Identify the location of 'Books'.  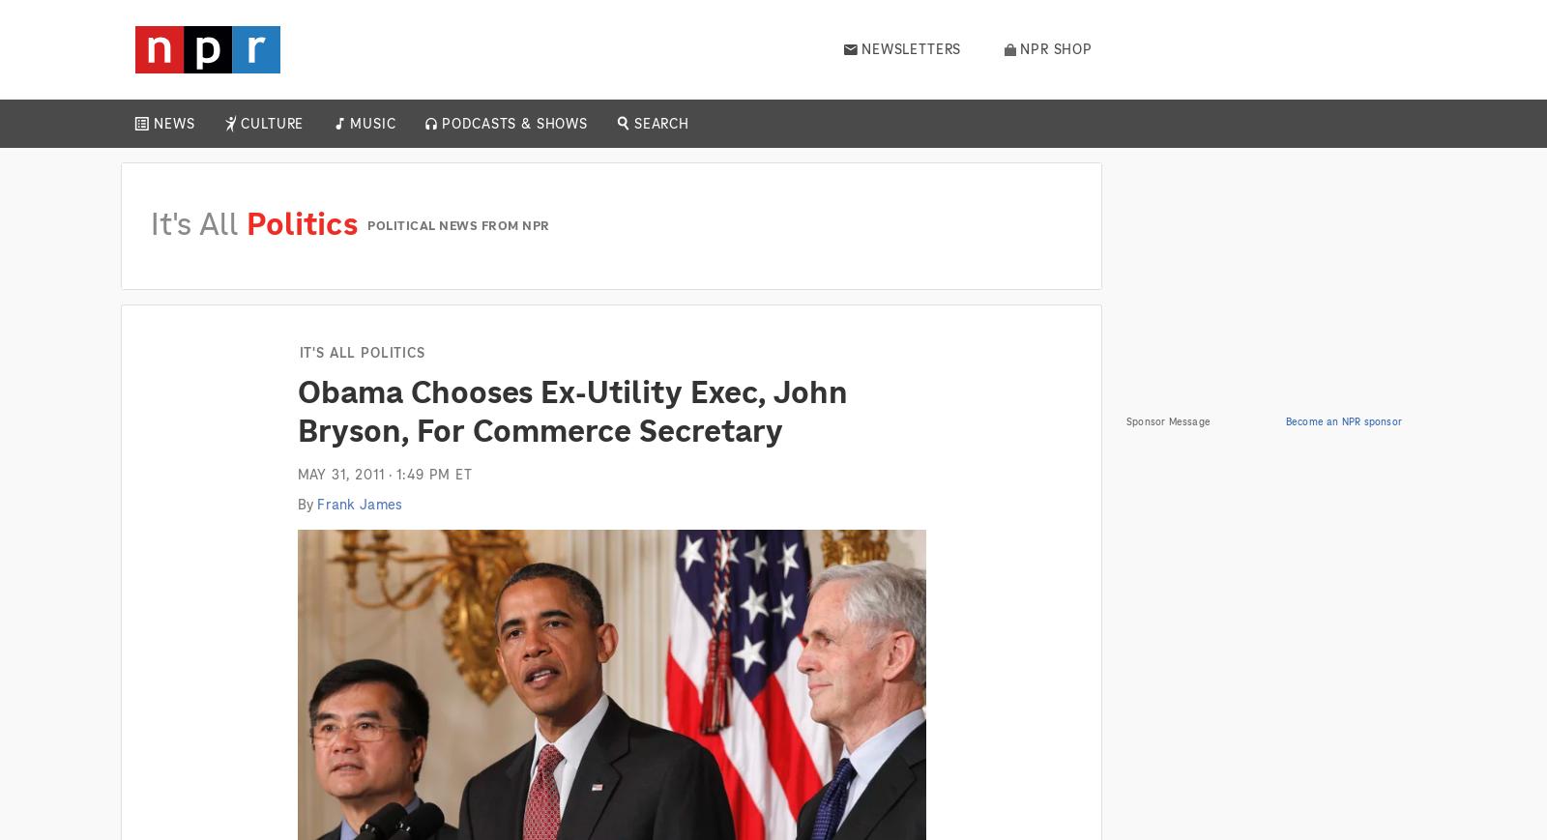
(270, 184).